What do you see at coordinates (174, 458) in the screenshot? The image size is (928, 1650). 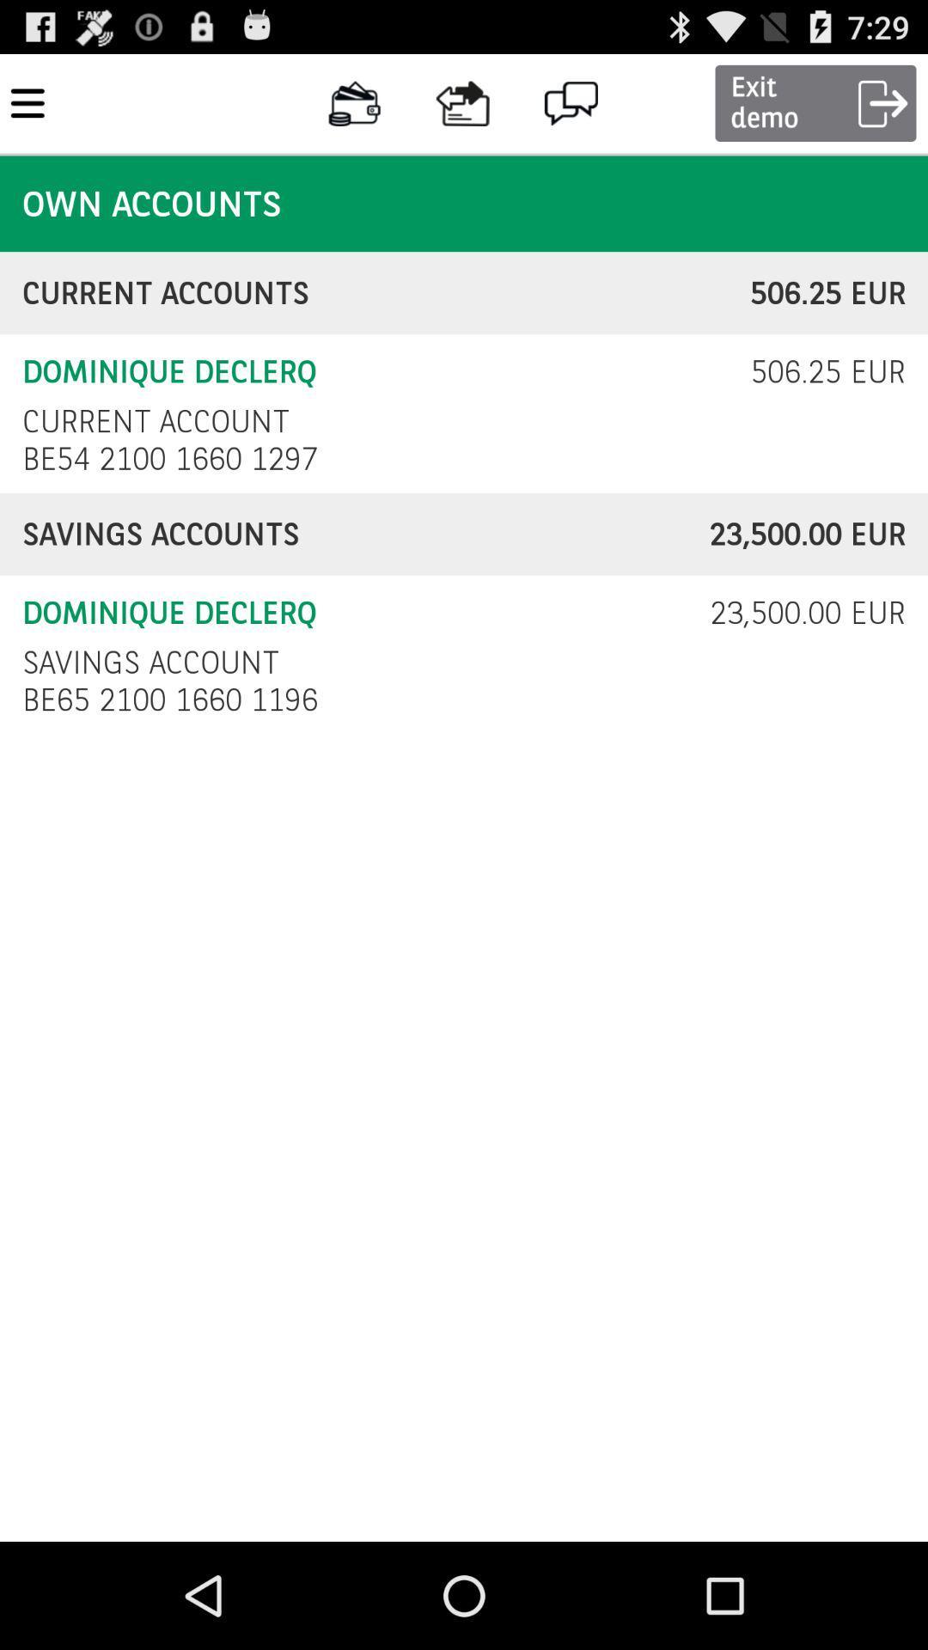 I see `item below the current account icon` at bounding box center [174, 458].